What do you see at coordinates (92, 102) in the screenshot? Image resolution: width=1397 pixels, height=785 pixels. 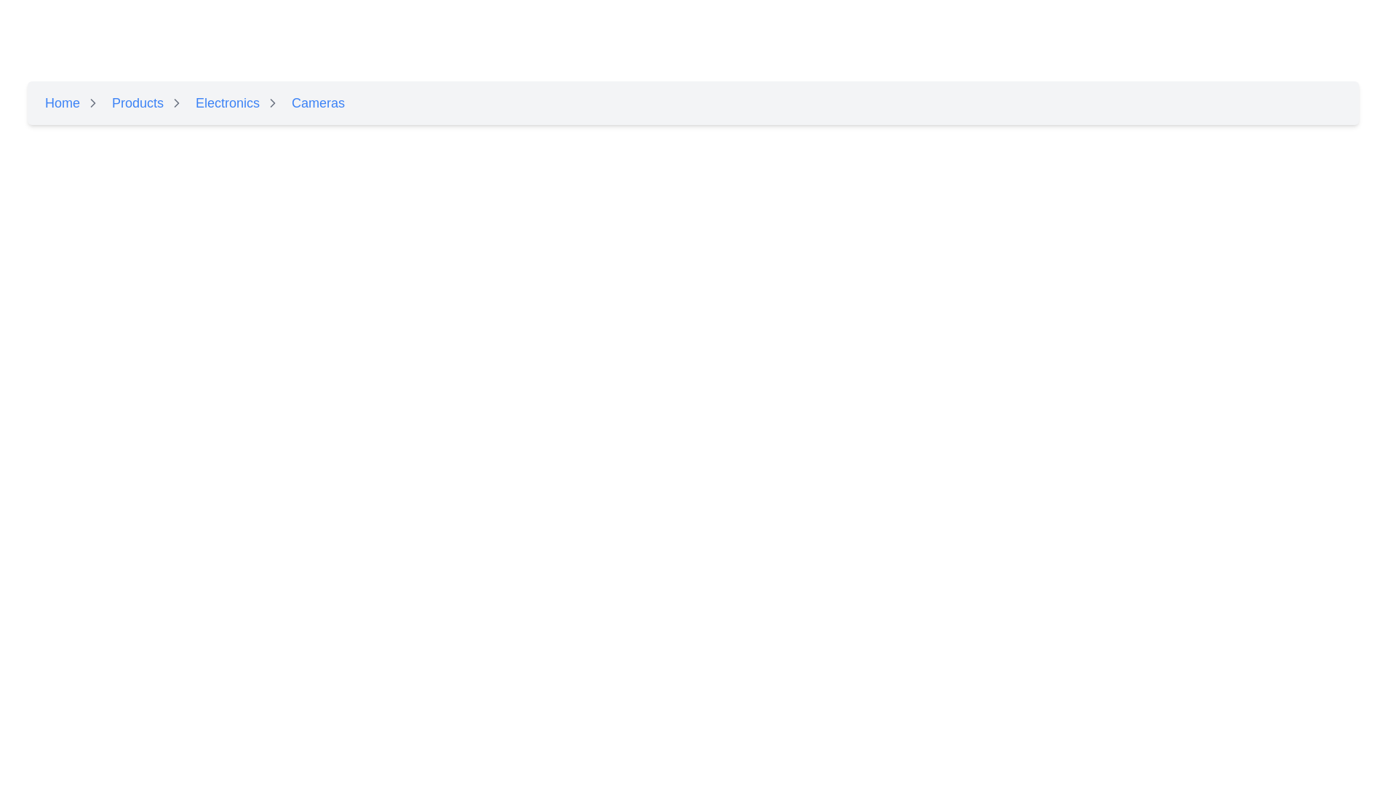 I see `the Chevron SVG icon located between 'Home' and 'Products' in the breadcrumb navigation bar, which visually separates the navigation levels` at bounding box center [92, 102].